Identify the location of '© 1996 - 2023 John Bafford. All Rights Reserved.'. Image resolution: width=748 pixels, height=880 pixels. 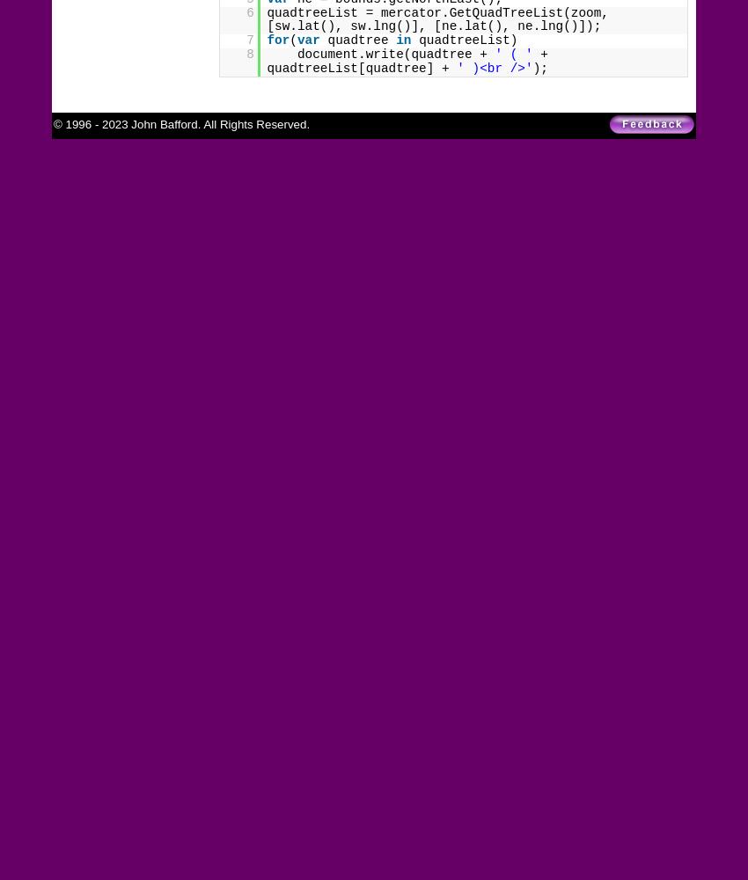
(180, 123).